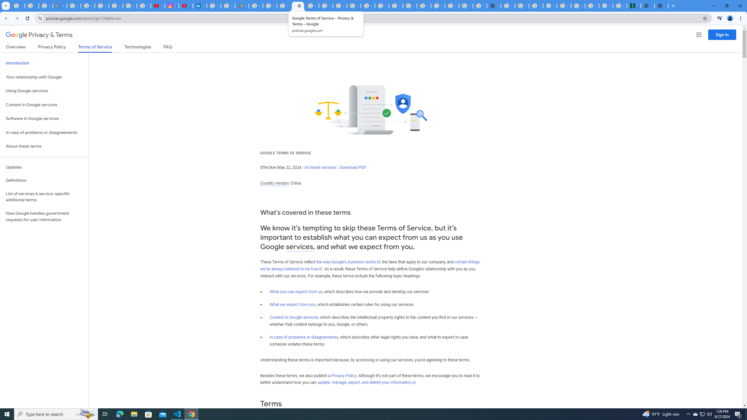 The height and width of the screenshot is (420, 747). I want to click on 'services', so click(299, 247).